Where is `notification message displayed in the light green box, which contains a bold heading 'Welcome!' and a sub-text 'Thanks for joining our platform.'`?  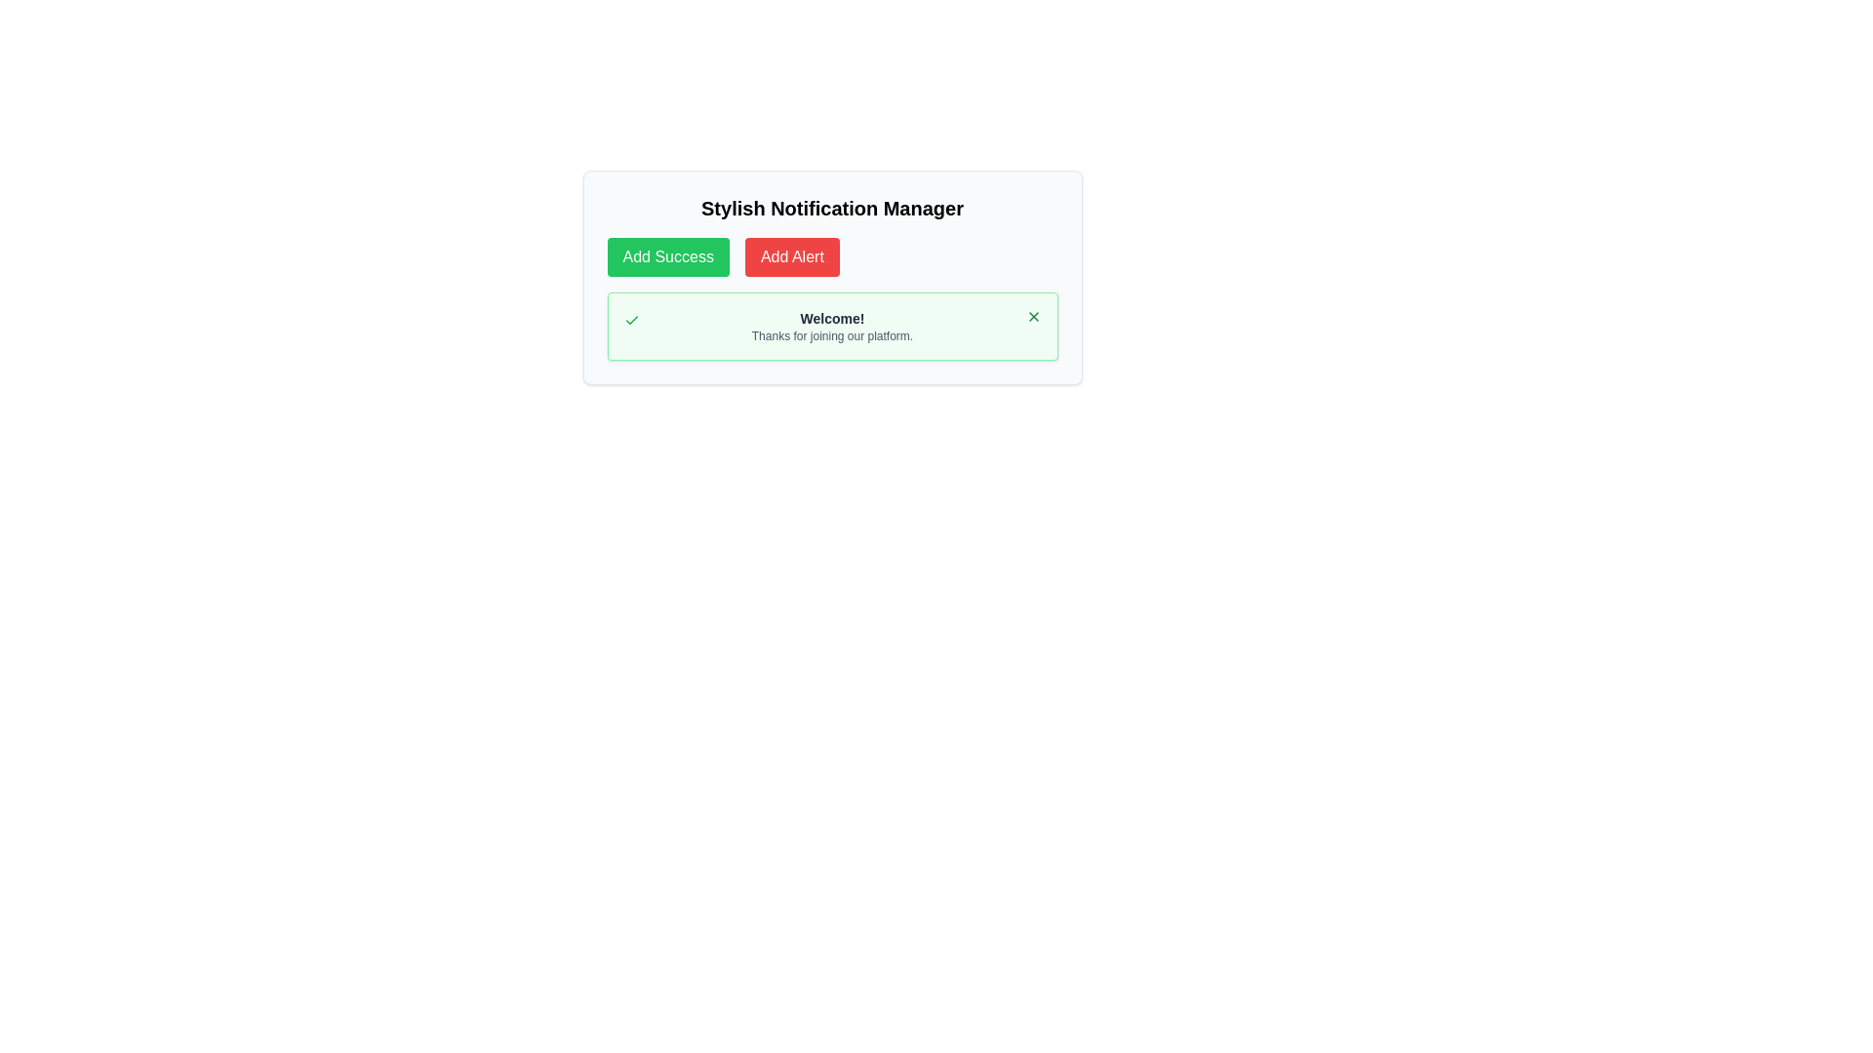 notification message displayed in the light green box, which contains a bold heading 'Welcome!' and a sub-text 'Thanks for joining our platform.' is located at coordinates (832, 326).